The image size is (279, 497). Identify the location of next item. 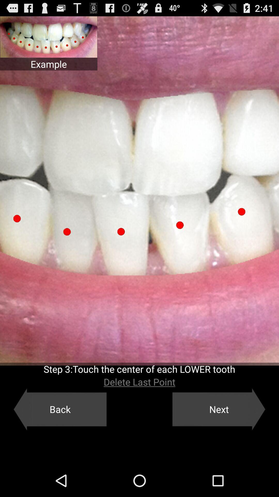
(219, 409).